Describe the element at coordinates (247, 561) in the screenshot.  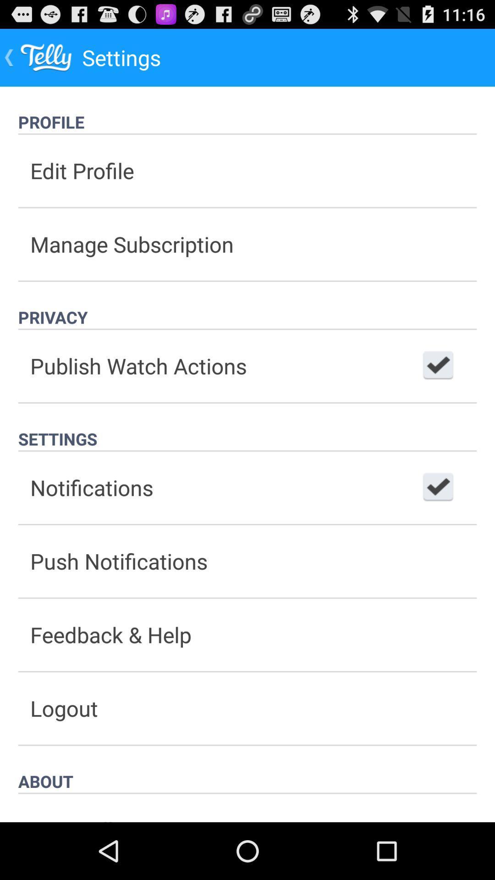
I see `push notifications icon` at that location.